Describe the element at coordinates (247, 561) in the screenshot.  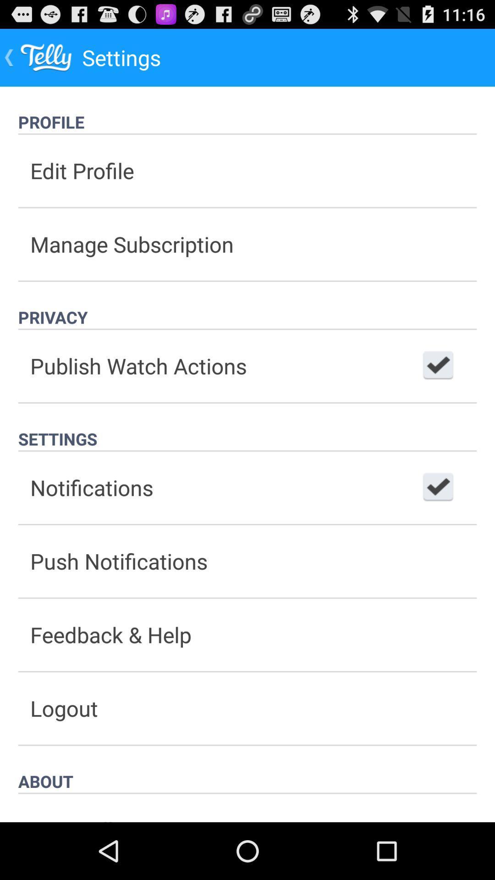
I see `push notifications icon` at that location.